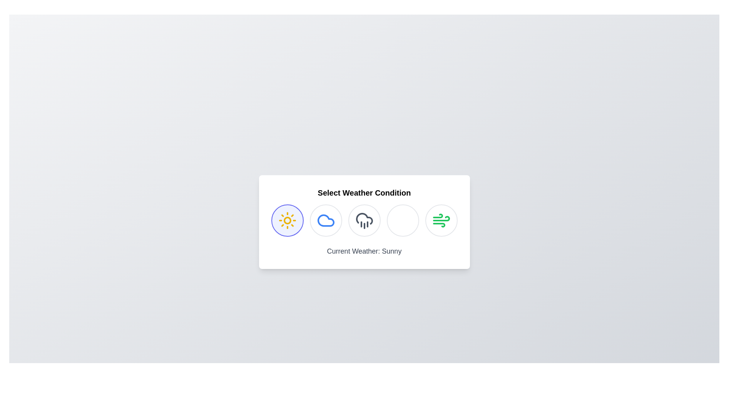 Image resolution: width=739 pixels, height=415 pixels. What do you see at coordinates (287, 221) in the screenshot?
I see `the leftmost sun icon in the weather control panel` at bounding box center [287, 221].